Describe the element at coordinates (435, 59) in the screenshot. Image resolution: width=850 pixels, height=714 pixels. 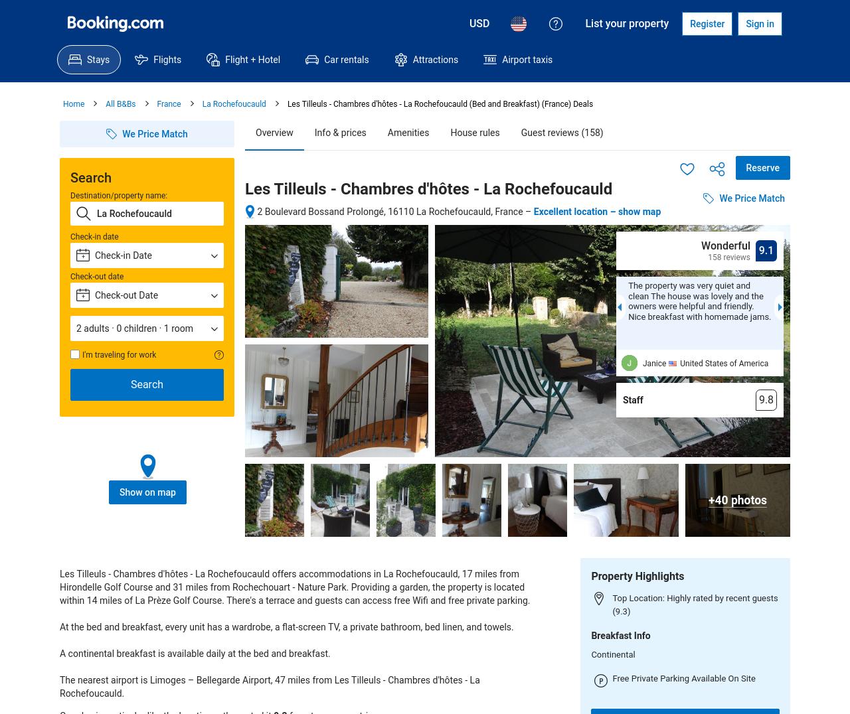
I see `'Attractions'` at that location.